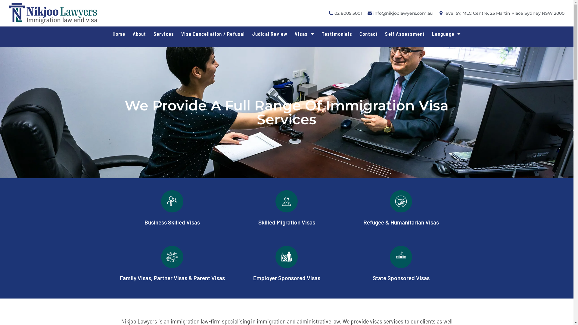 The image size is (578, 325). What do you see at coordinates (177, 33) in the screenshot?
I see `'Visa Cancellation / Refusal'` at bounding box center [177, 33].